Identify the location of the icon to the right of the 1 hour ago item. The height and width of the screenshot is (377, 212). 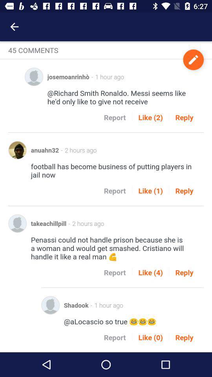
(193, 59).